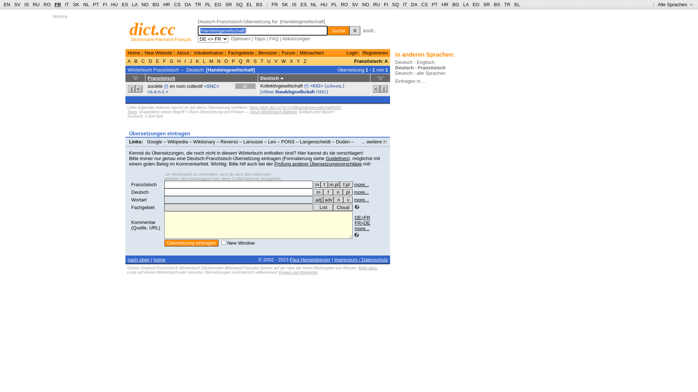  Describe the element at coordinates (255, 61) in the screenshot. I see `'S'` at that location.